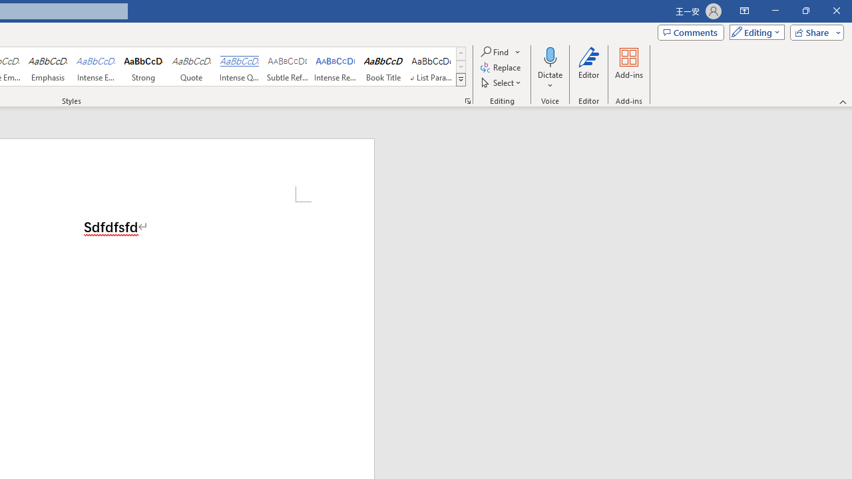  Describe the element at coordinates (550, 69) in the screenshot. I see `'Dictate'` at that location.